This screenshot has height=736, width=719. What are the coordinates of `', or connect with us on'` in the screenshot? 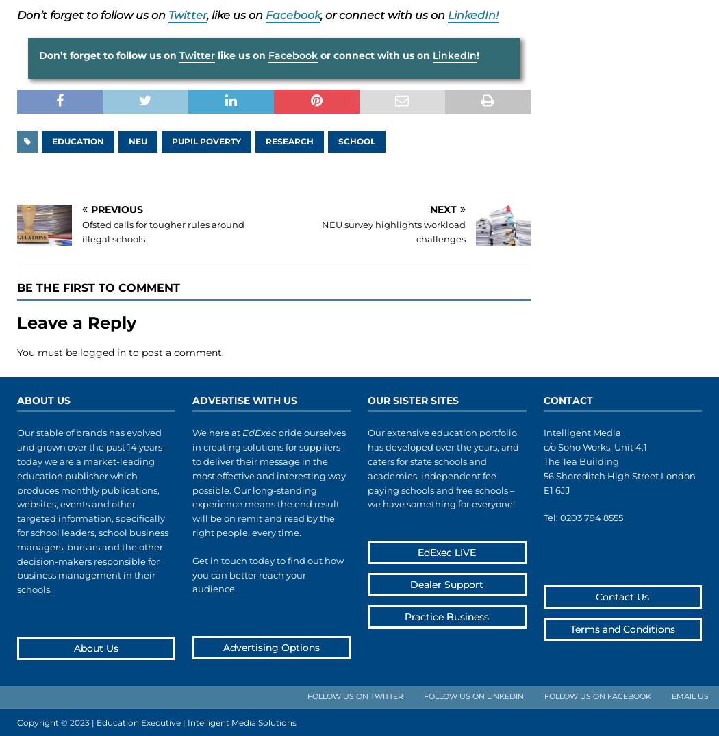 It's located at (320, 14).